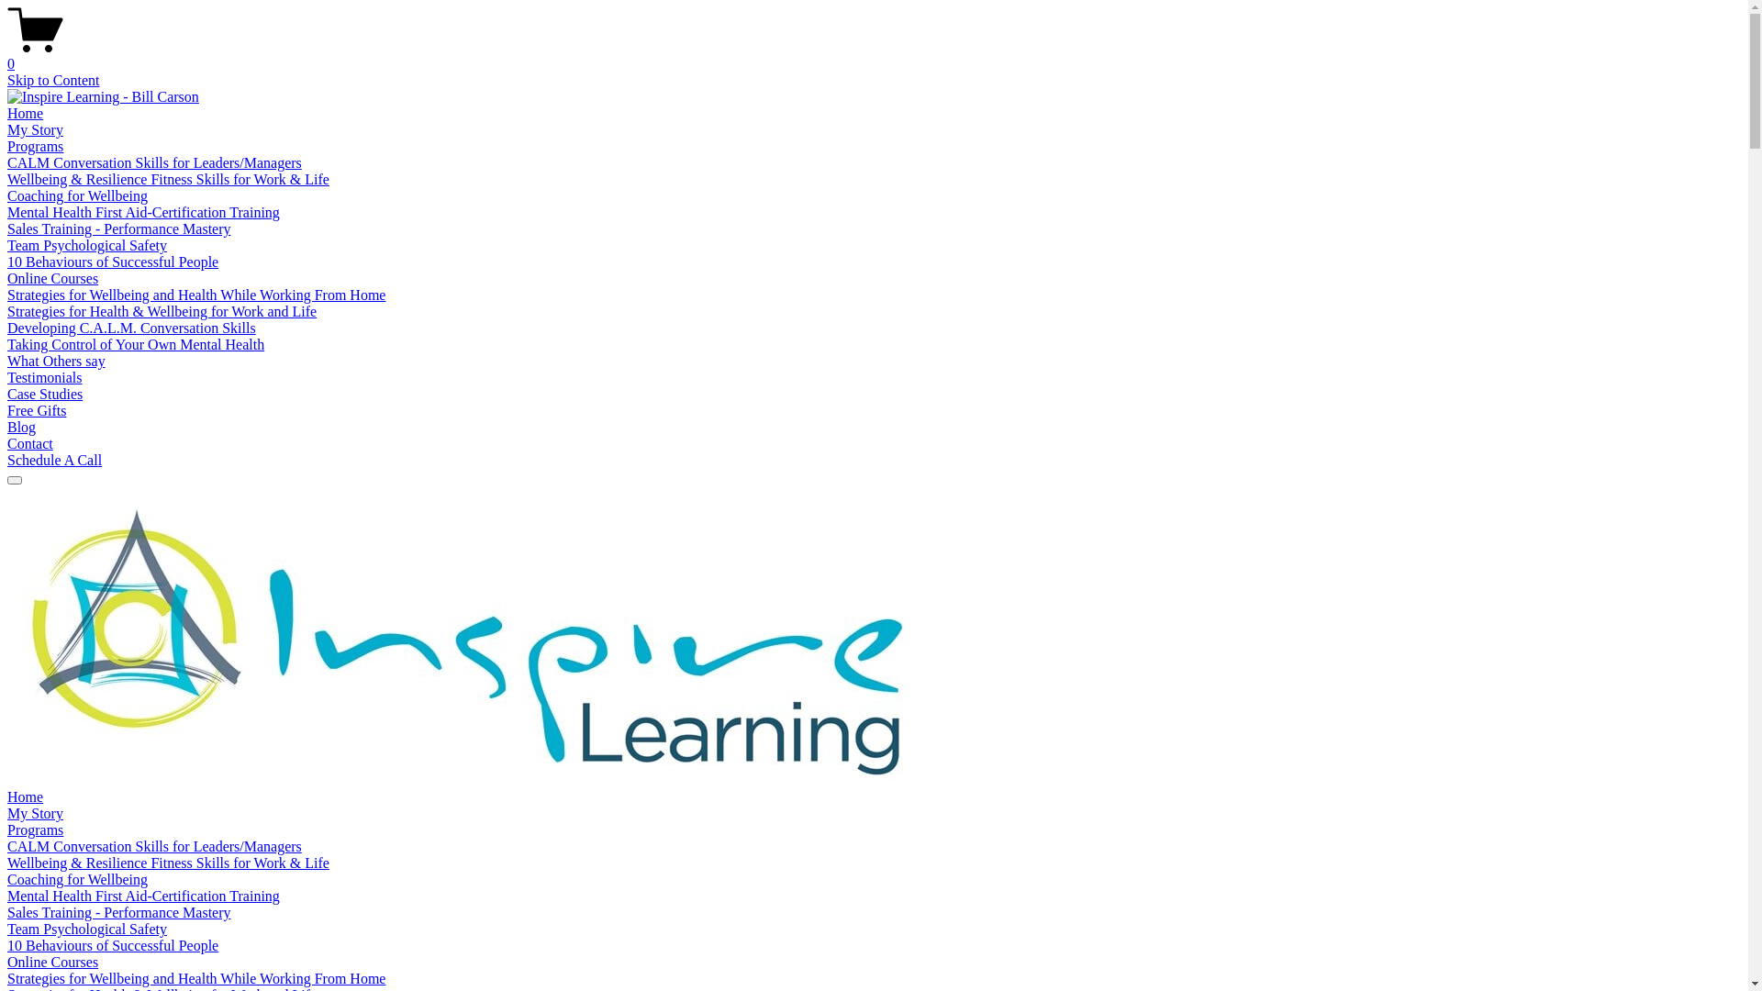  What do you see at coordinates (76, 878) in the screenshot?
I see `'Coaching for Wellbeing'` at bounding box center [76, 878].